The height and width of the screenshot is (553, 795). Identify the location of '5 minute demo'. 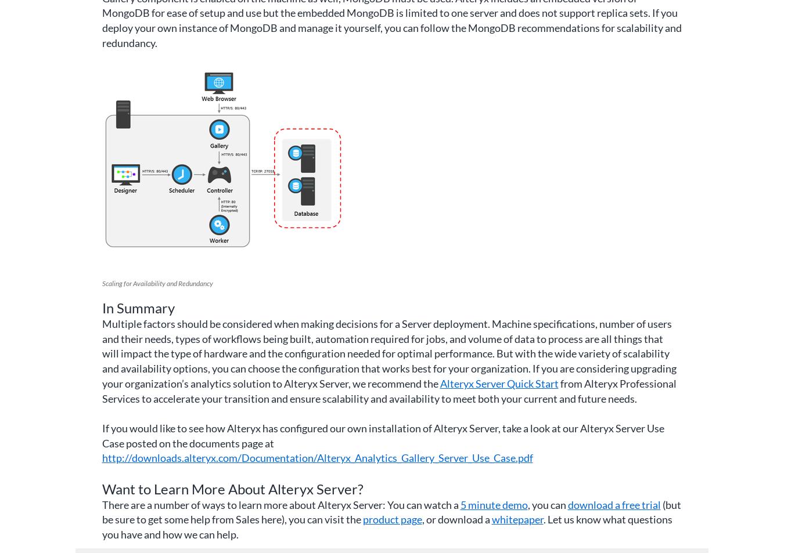
(493, 504).